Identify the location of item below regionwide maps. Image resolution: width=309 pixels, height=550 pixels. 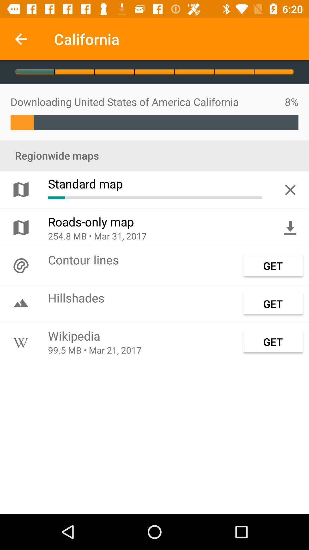
(290, 190).